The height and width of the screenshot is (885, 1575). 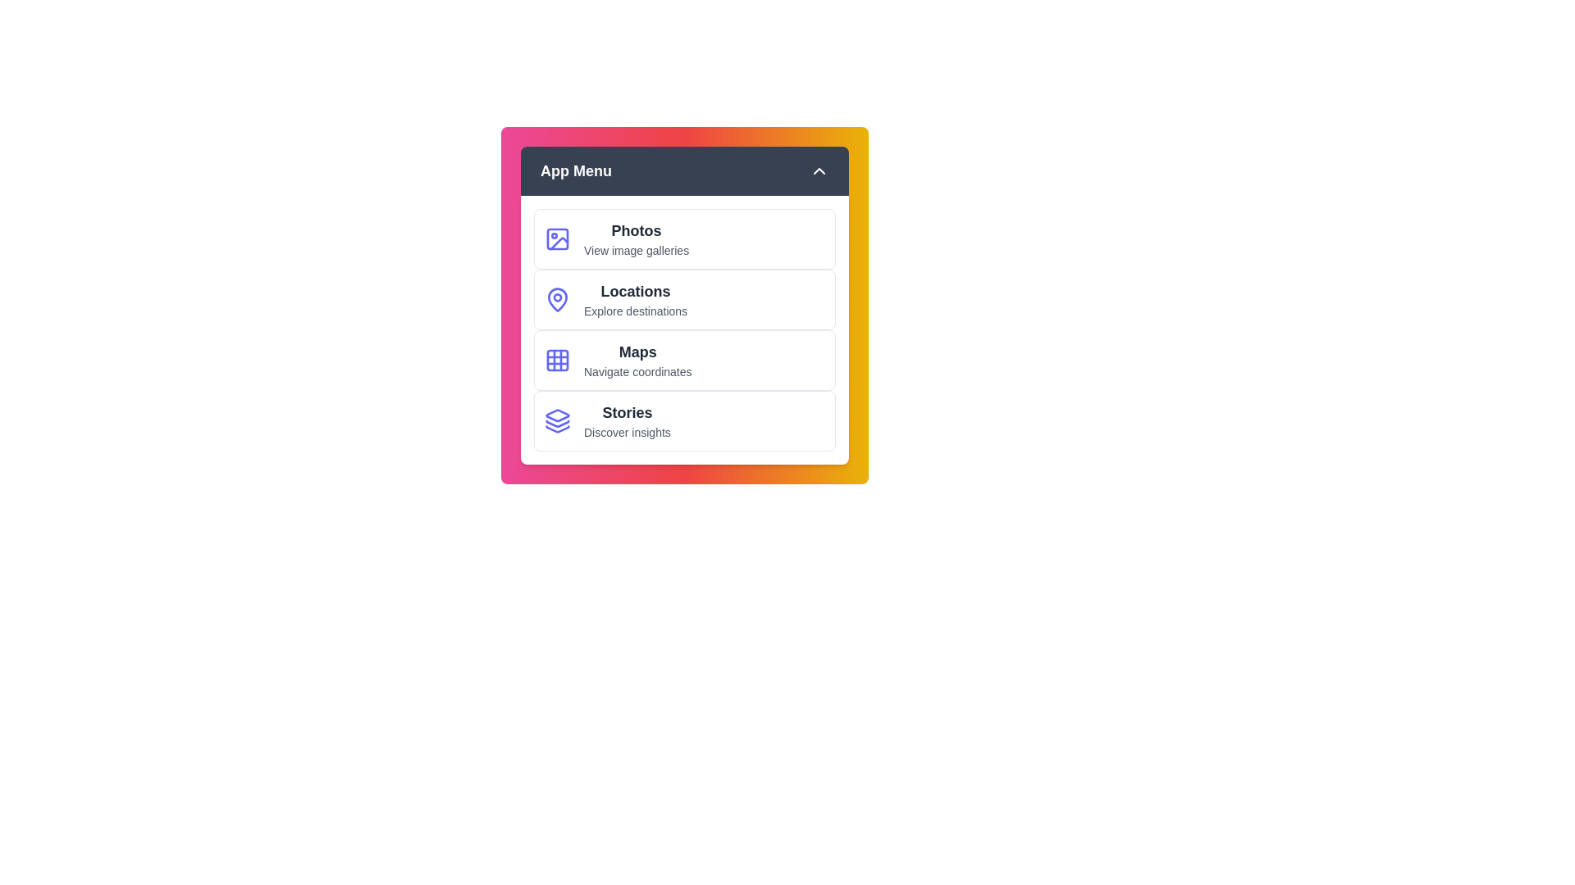 I want to click on the icon associated with the menu item 'Photos', so click(x=558, y=239).